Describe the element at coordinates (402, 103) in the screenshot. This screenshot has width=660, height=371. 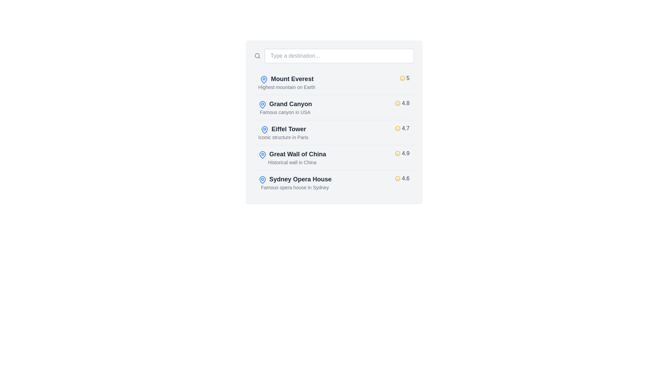
I see `numeric rating value '4.8' displayed next to the yellow smiley face icon in the Rating Indicator located in the second row, aligned with 'Grand Canyon'` at that location.